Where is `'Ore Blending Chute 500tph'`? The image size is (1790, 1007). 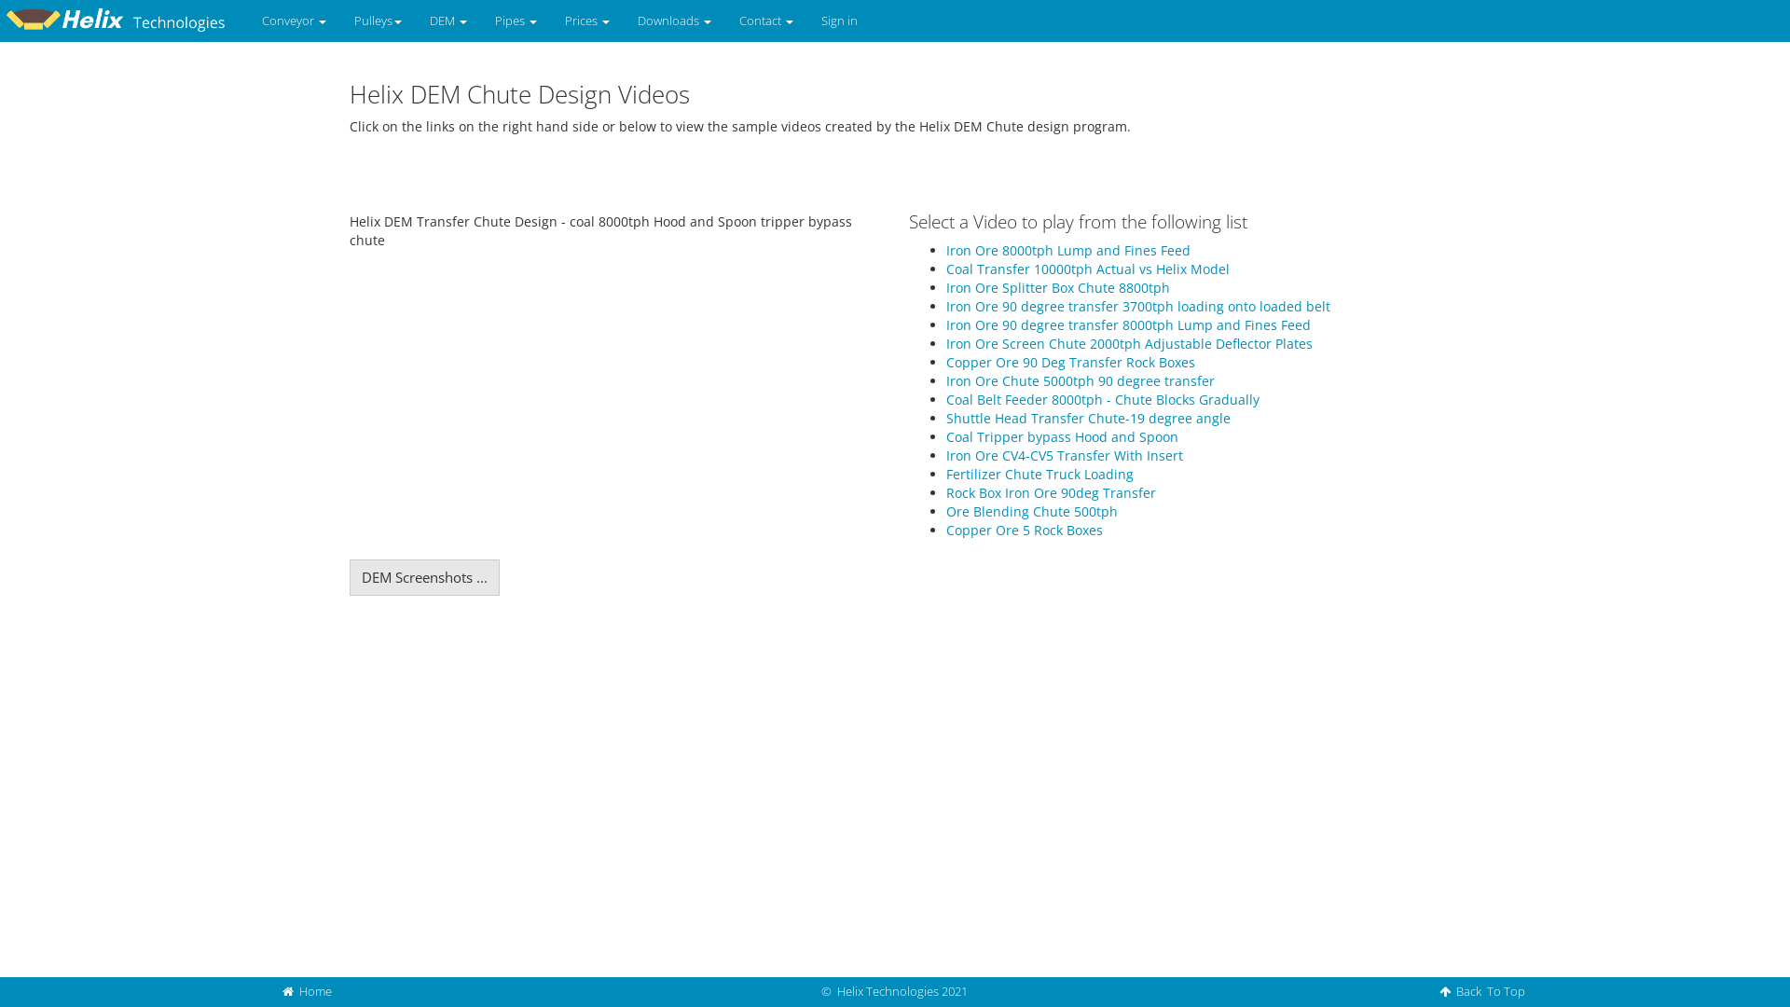
'Ore Blending Chute 500tph' is located at coordinates (1031, 511).